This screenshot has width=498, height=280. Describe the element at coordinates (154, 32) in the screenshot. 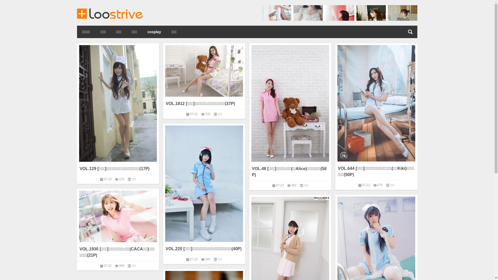

I see `'cosplay'` at that location.